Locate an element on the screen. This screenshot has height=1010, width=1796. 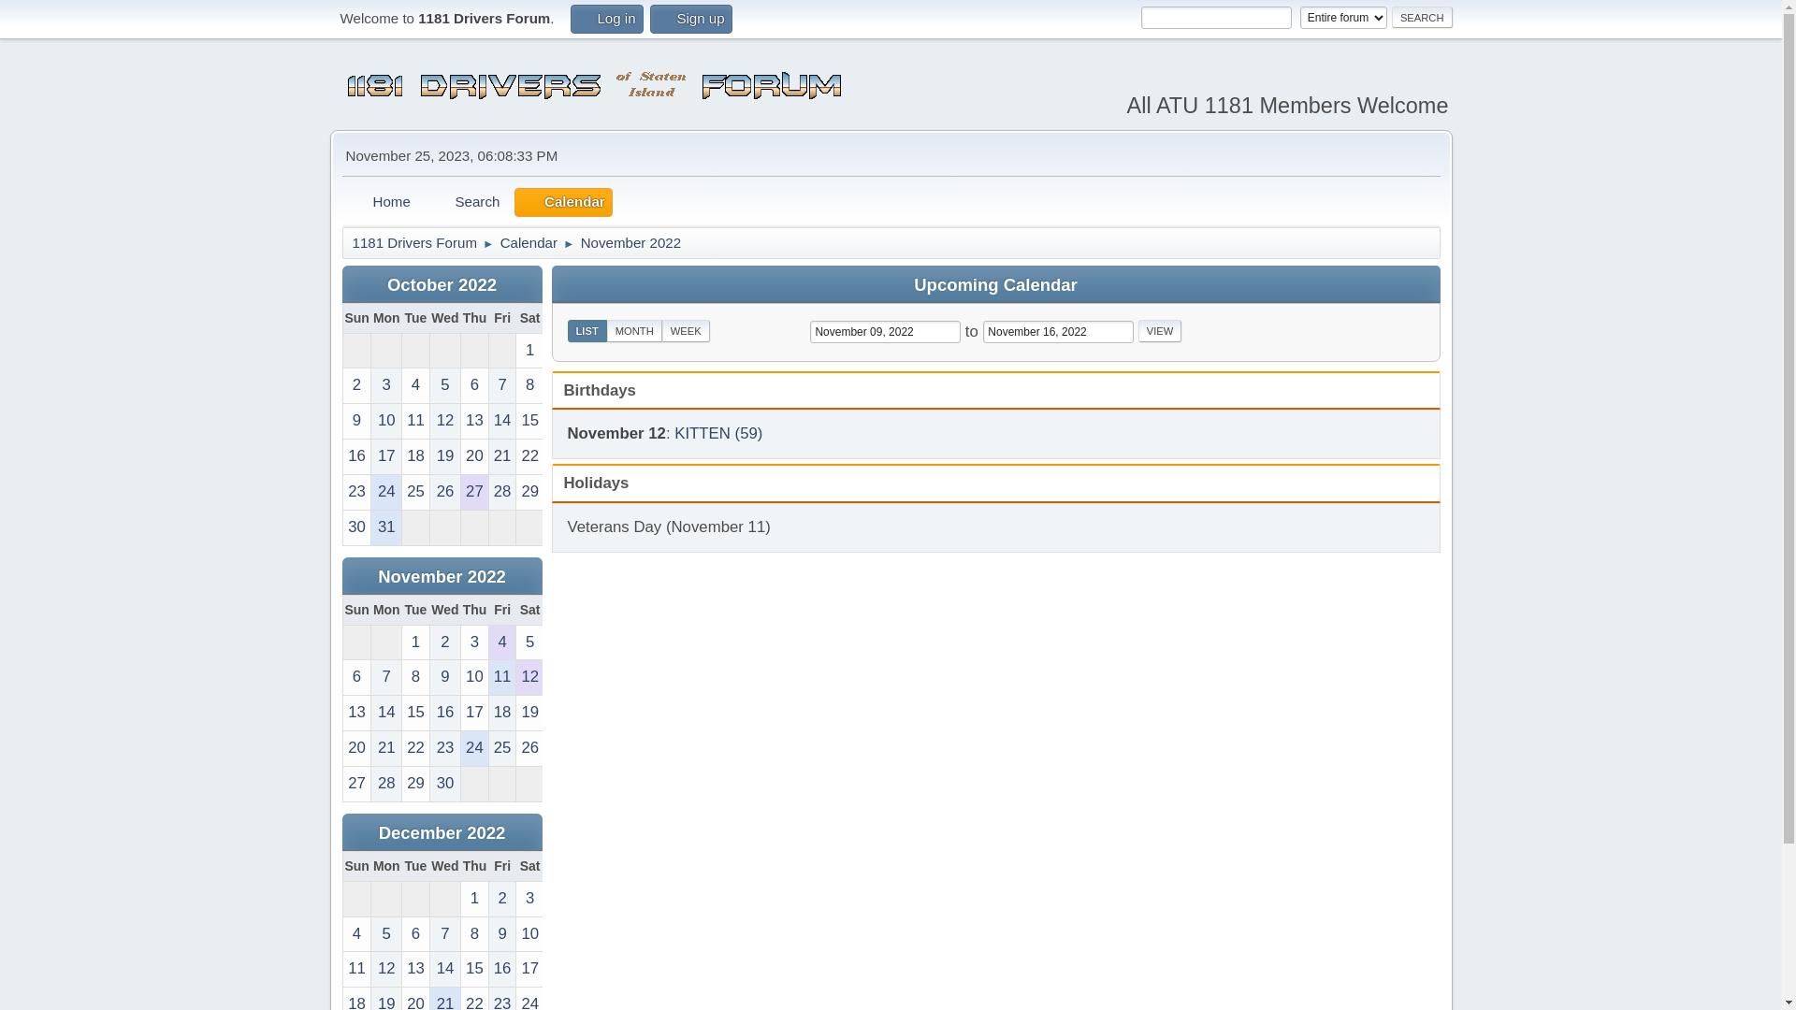
'22' is located at coordinates (516, 456).